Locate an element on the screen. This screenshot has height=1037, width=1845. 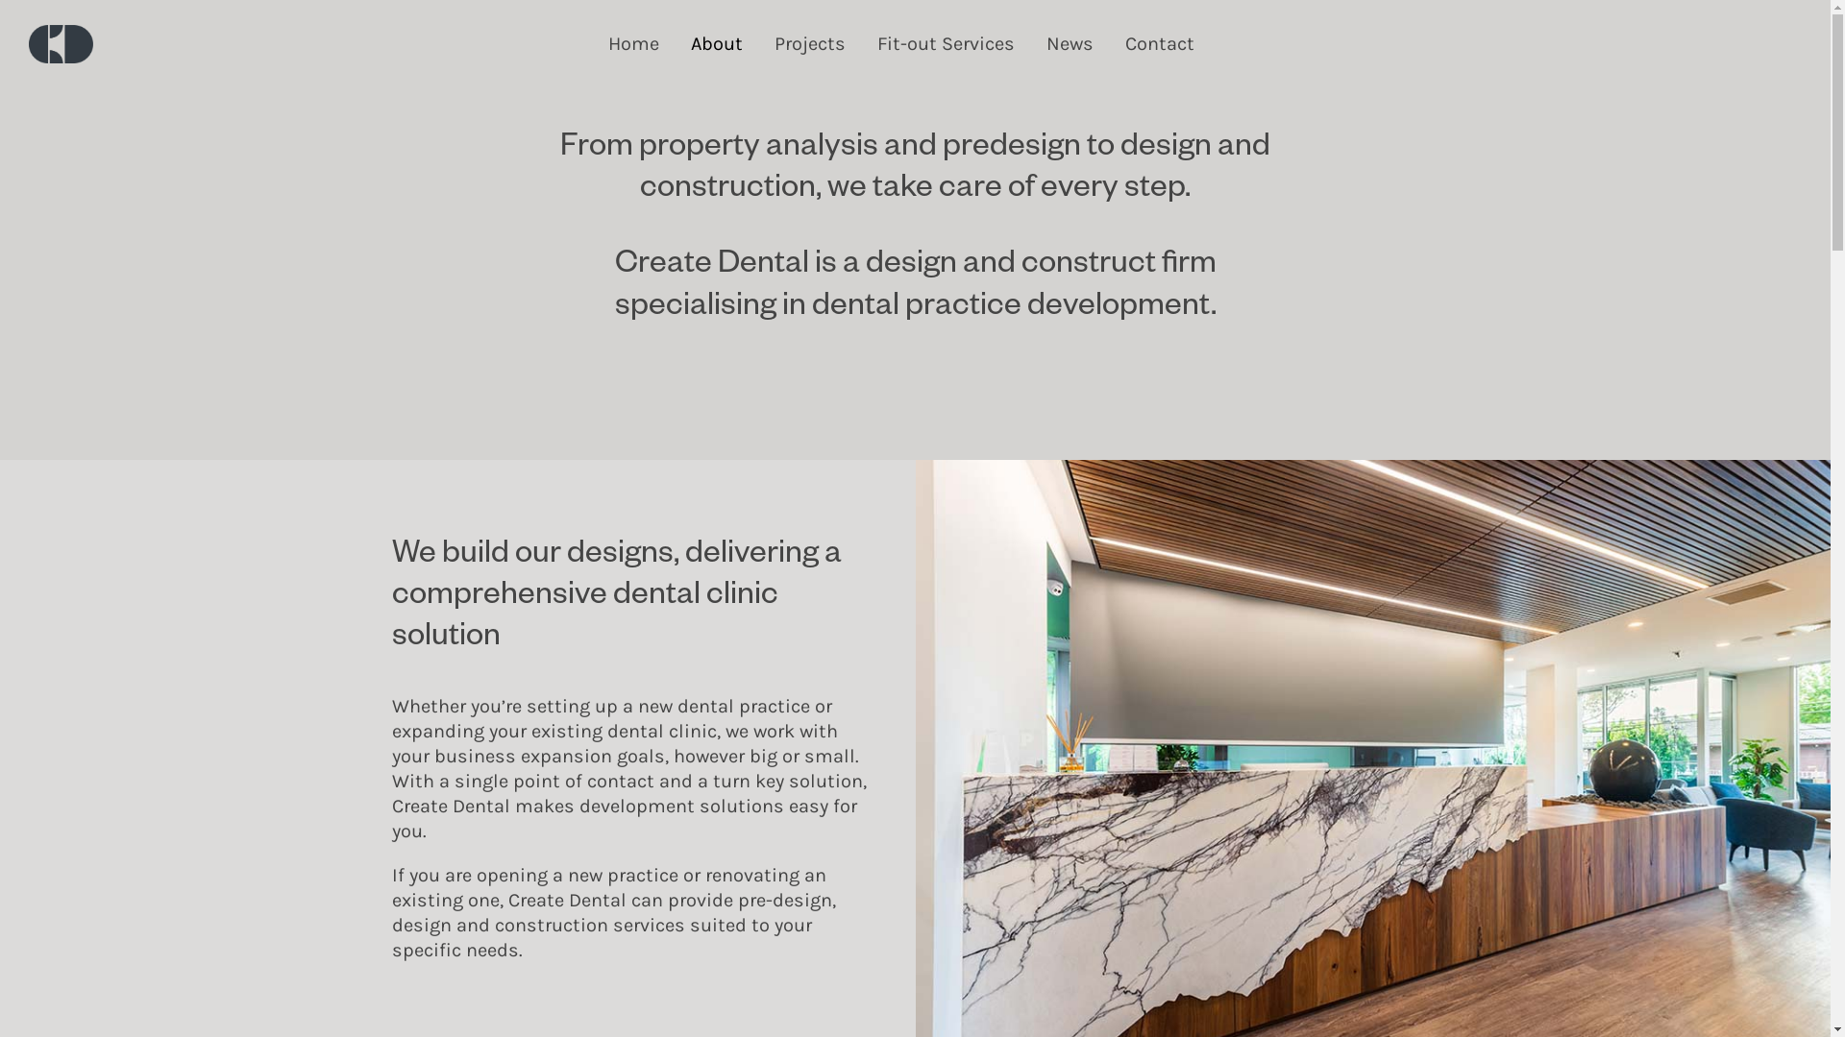
'News' is located at coordinates (1068, 43).